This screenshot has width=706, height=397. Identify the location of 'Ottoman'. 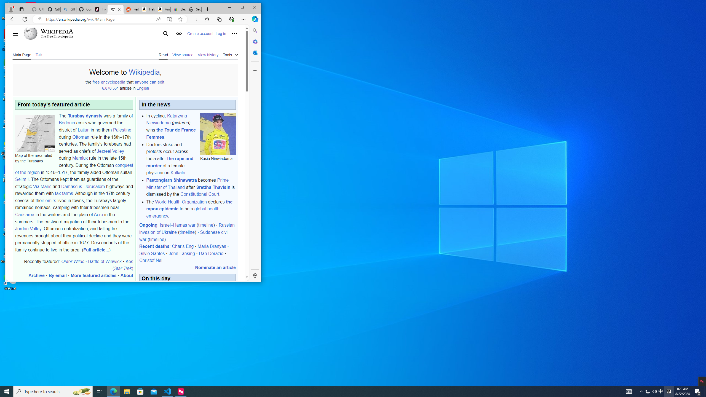
(81, 136).